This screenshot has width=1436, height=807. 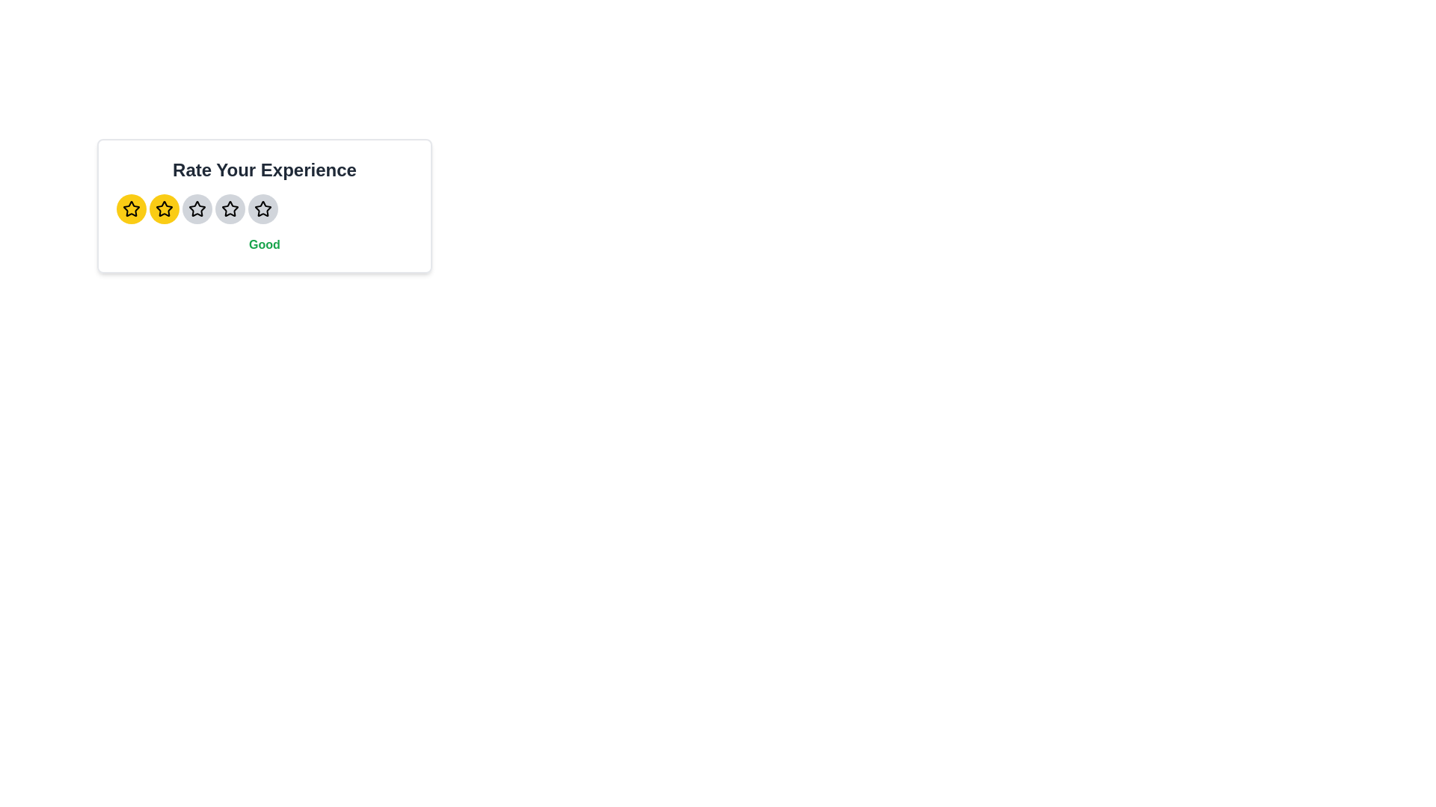 I want to click on the second star rating element located beneath the text 'Rate Your Experience', so click(x=165, y=208).